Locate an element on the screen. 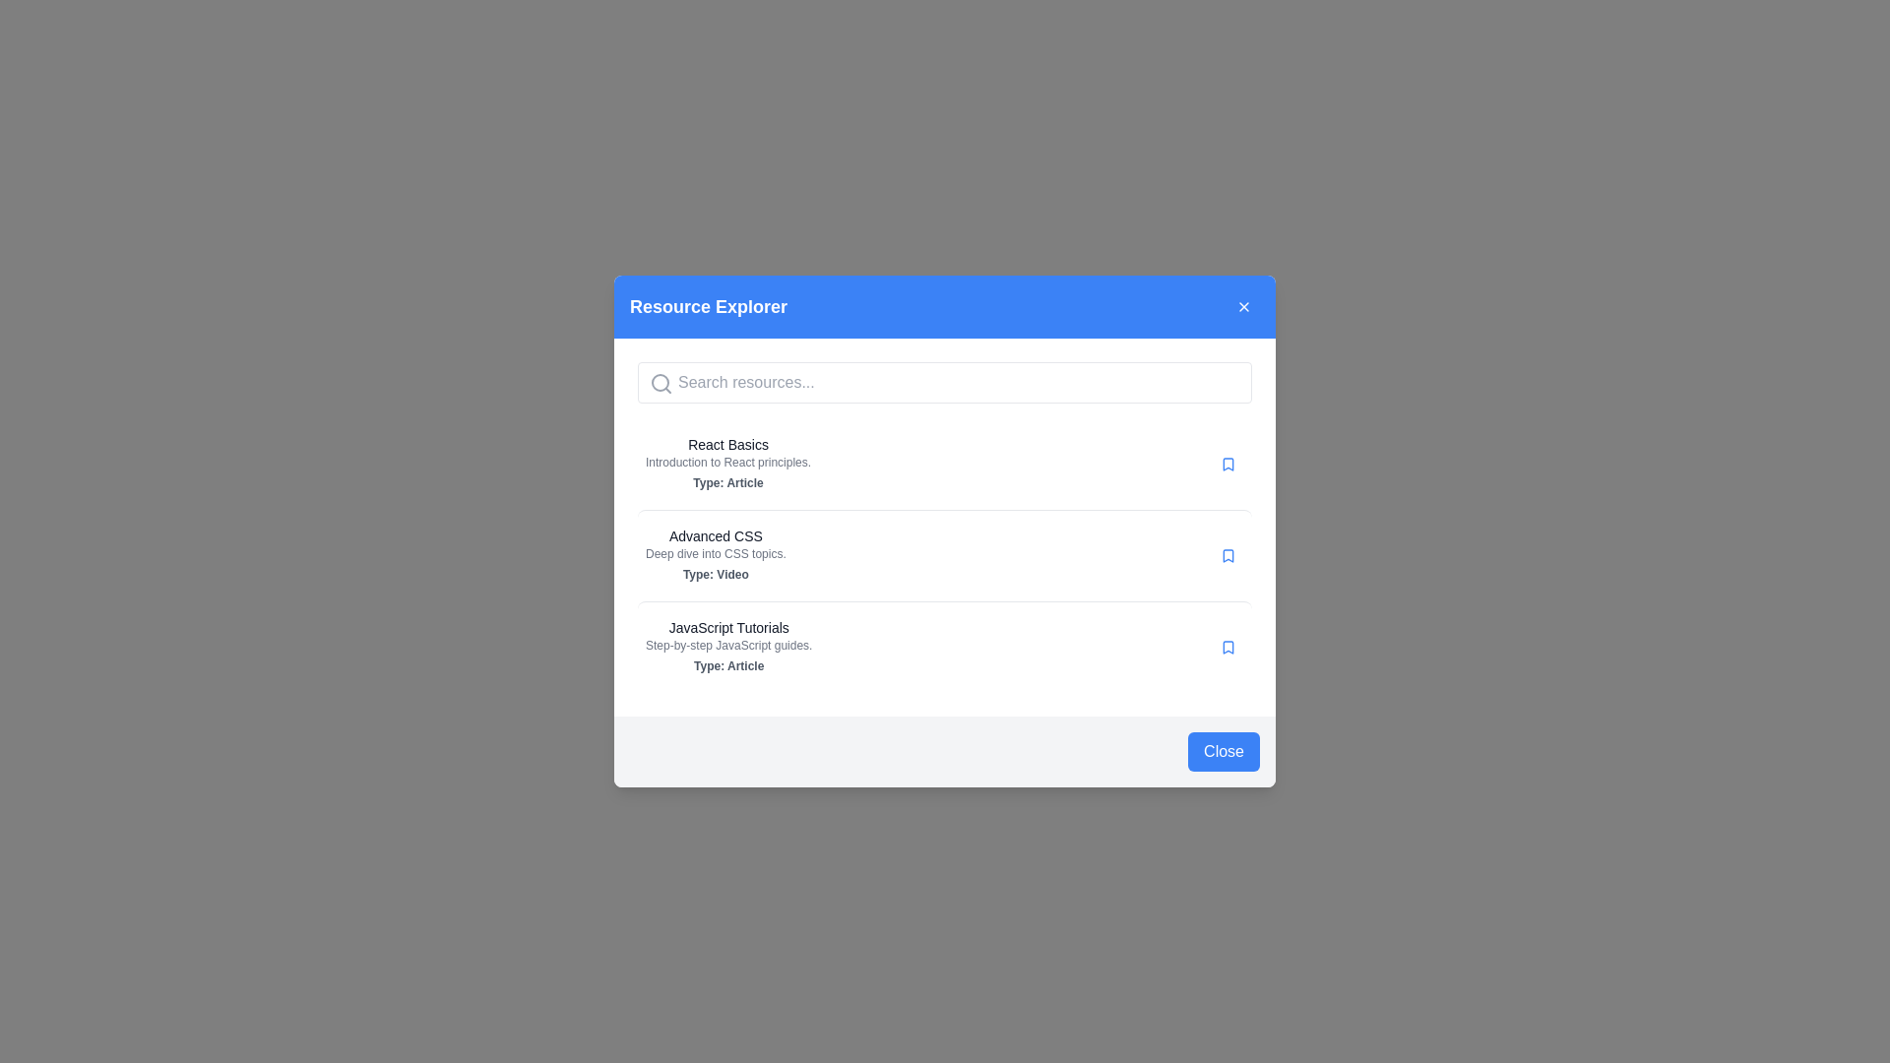 The width and height of the screenshot is (1890, 1063). the 'Advanced CSS' resource card located centrally in the list of video resources is located at coordinates (715, 555).